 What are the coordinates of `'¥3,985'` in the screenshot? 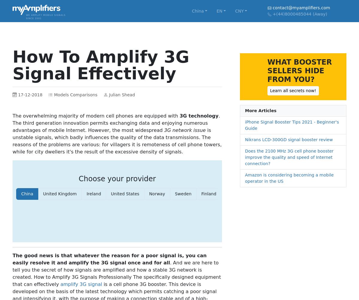 It's located at (301, 108).